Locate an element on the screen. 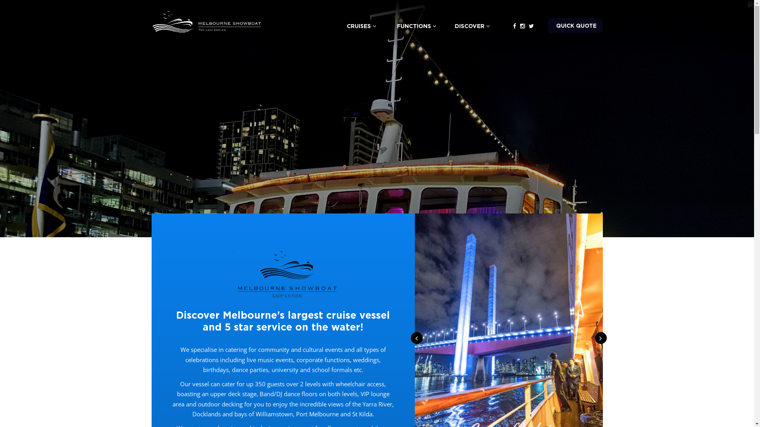  'DISCOVER' is located at coordinates (471, 25).